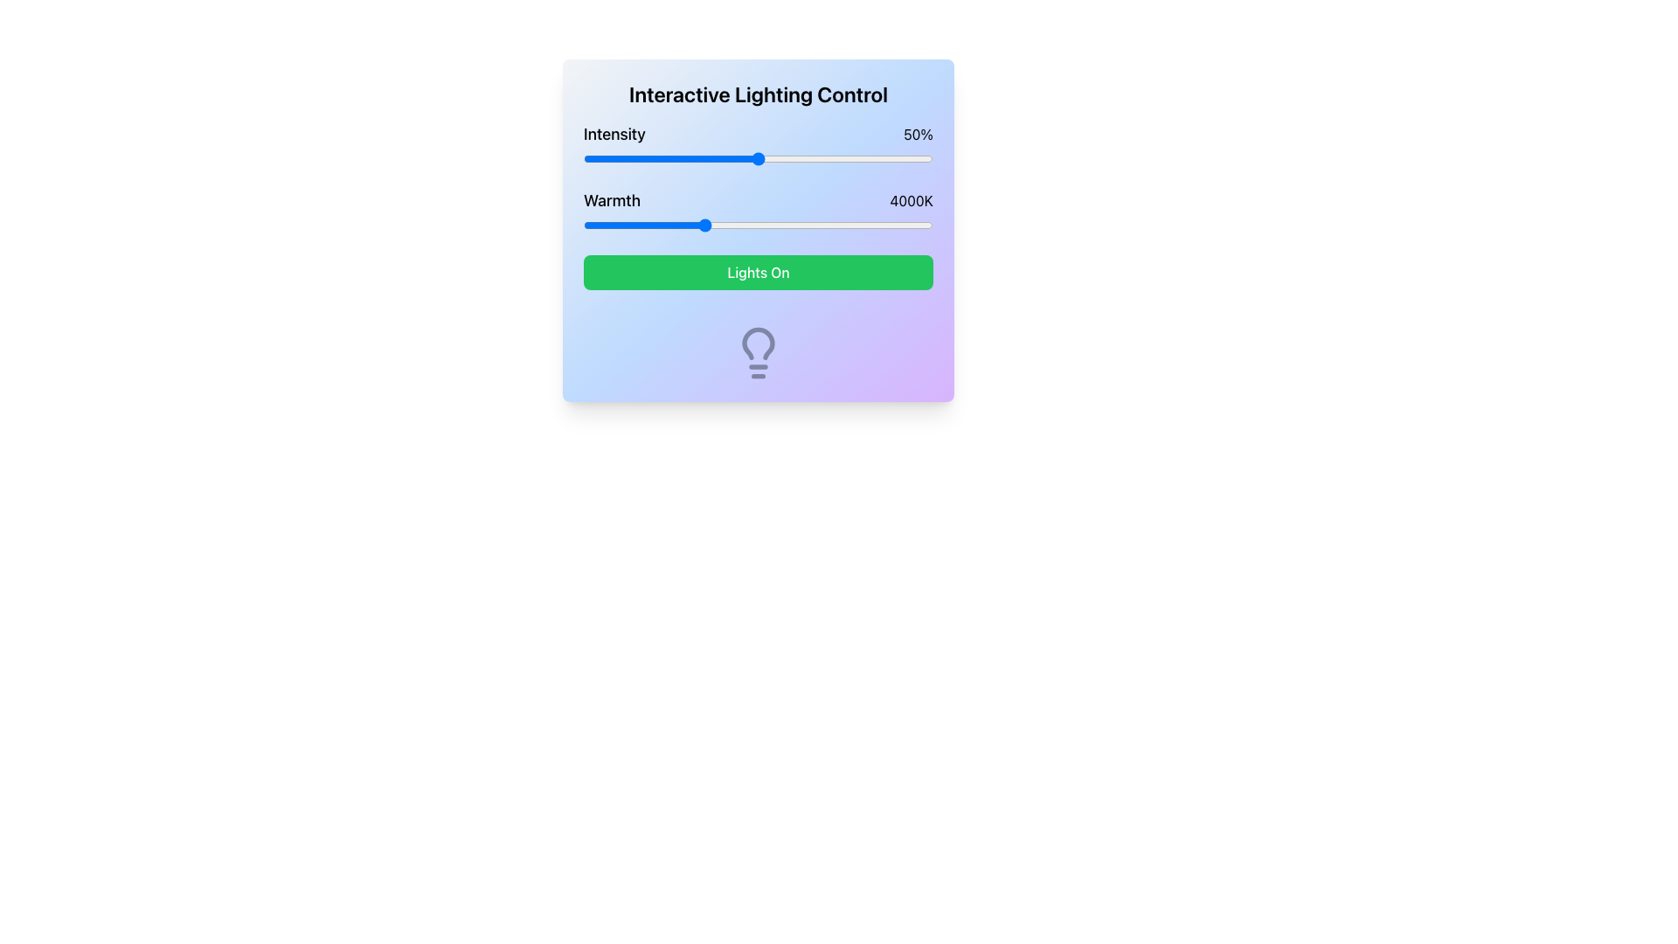 This screenshot has height=944, width=1678. I want to click on warmth, so click(829, 225).